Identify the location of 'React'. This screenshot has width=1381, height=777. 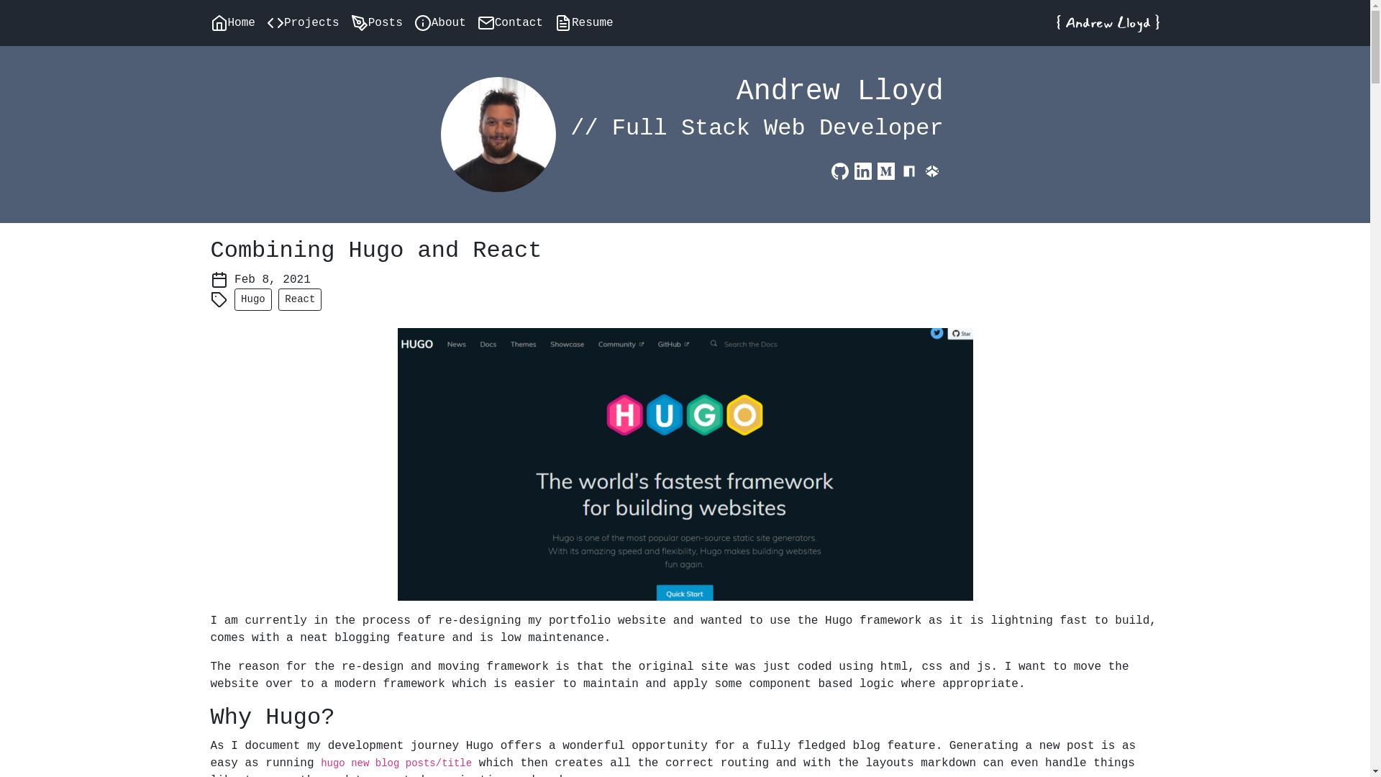
(299, 299).